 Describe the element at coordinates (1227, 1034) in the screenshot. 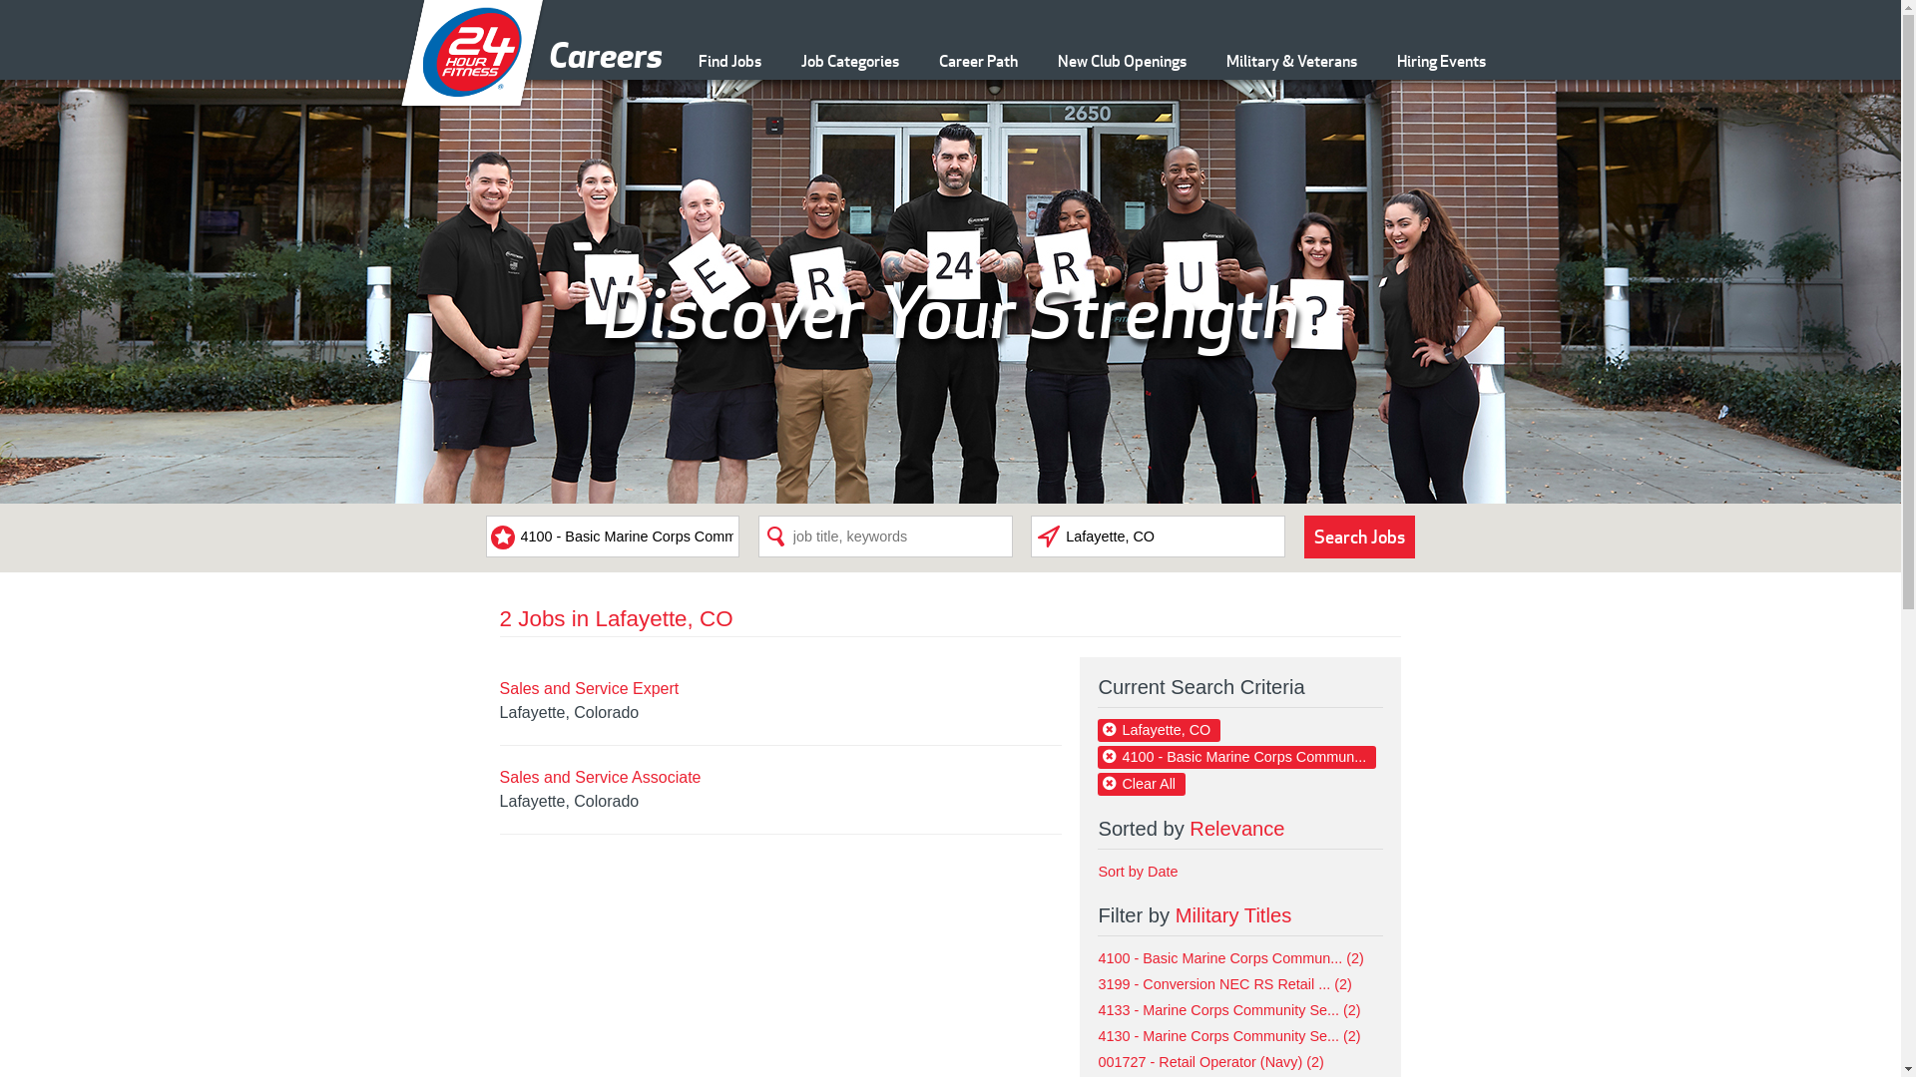

I see `'4130 - Marine Corps Community Se... (2)'` at that location.